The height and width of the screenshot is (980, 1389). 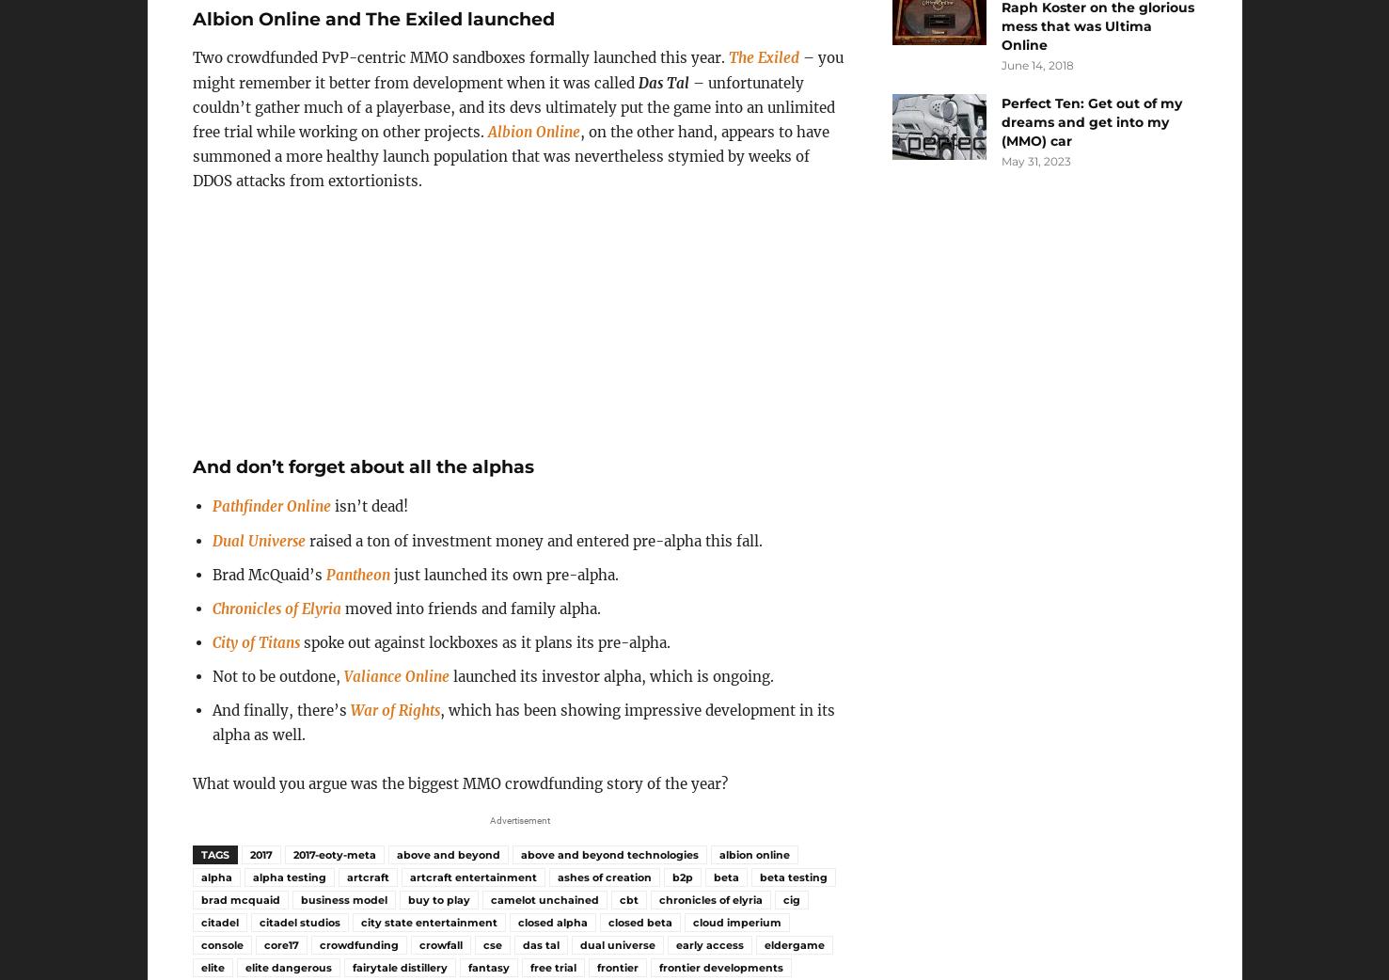 What do you see at coordinates (484, 641) in the screenshot?
I see `'spoke out against lockboxes as it plans its pre-alpha.'` at bounding box center [484, 641].